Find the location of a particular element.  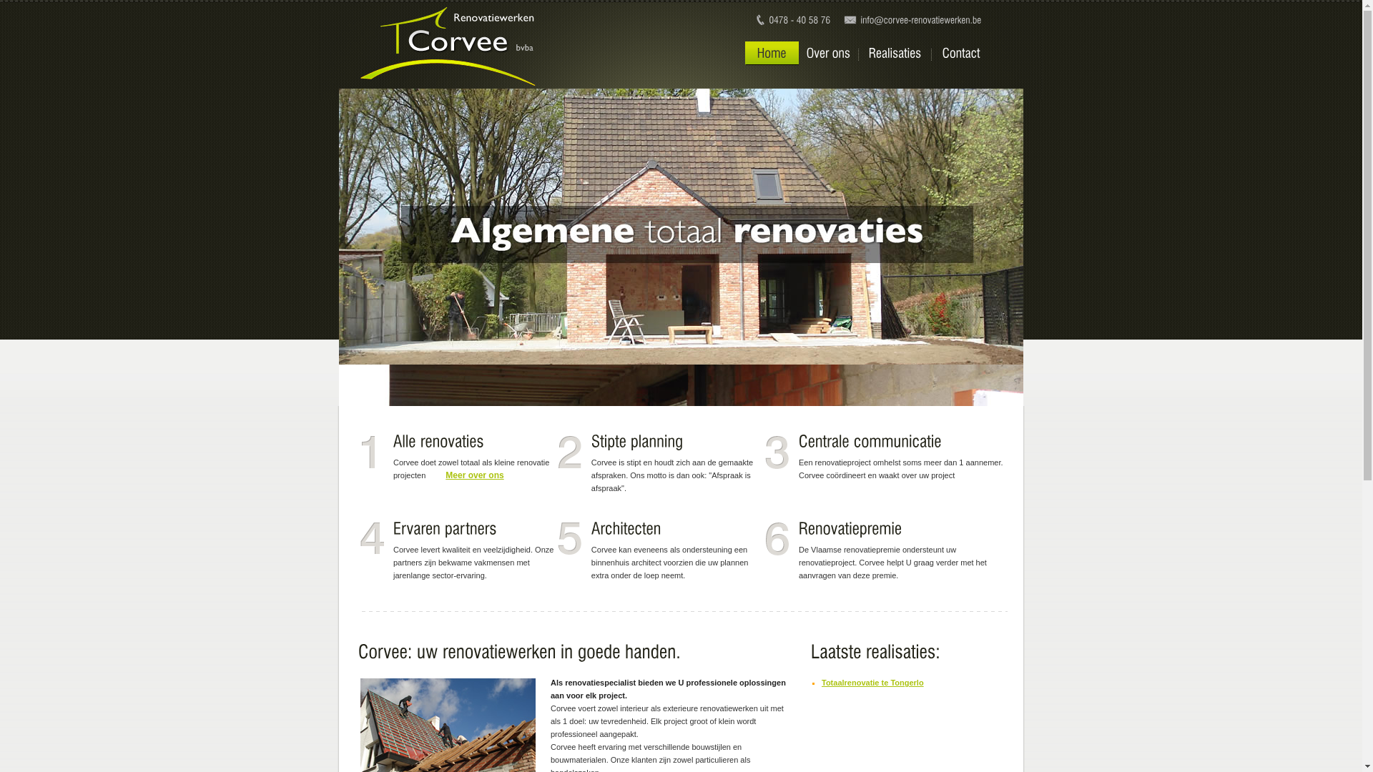

'Totaalrenovatie te Tongerlo' is located at coordinates (872, 682).